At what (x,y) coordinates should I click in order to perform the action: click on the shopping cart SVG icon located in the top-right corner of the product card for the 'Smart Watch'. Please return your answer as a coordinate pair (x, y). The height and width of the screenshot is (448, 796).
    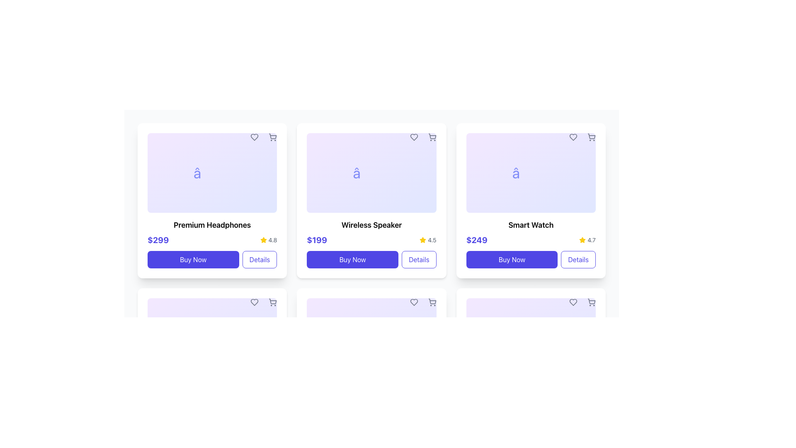
    Looking at the image, I should click on (591, 301).